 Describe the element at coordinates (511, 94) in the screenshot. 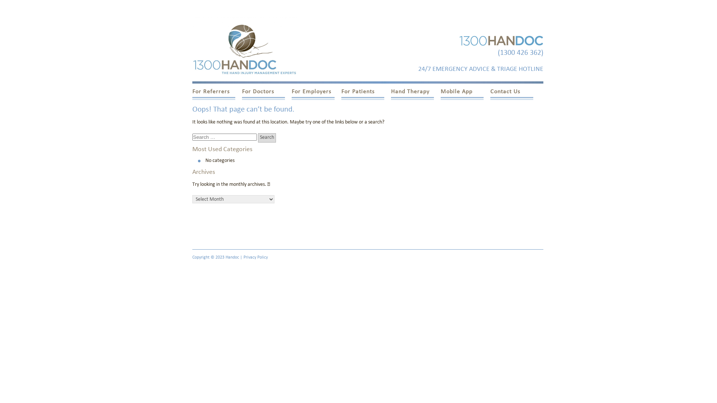

I see `'Contact Us'` at that location.